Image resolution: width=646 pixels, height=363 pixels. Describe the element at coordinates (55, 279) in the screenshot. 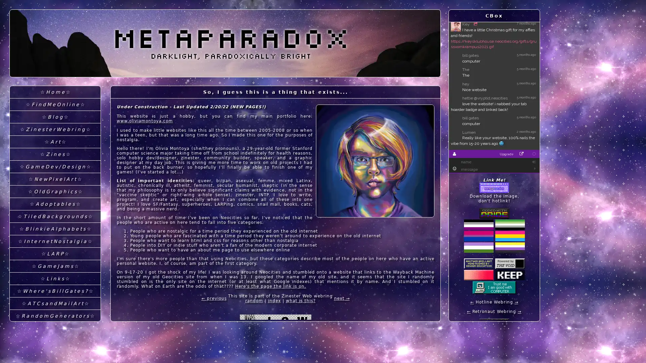

I see `L i n k s` at that location.